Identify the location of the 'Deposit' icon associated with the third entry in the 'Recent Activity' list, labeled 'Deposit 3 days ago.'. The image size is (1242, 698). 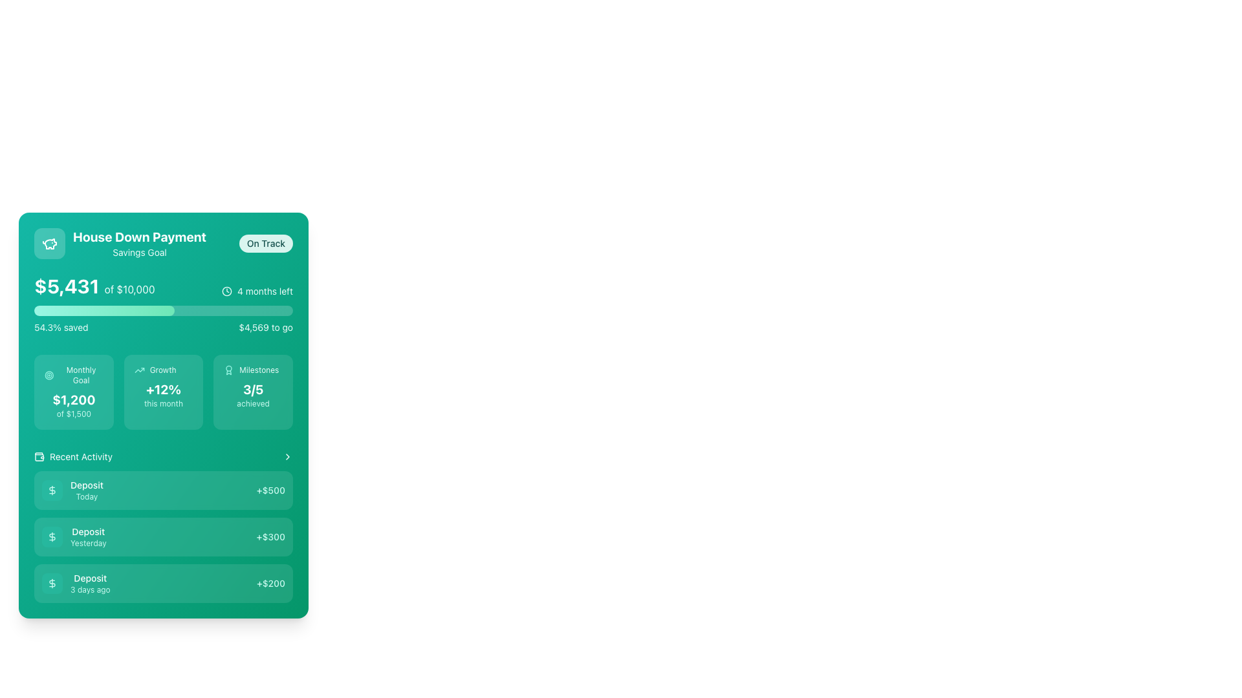
(52, 583).